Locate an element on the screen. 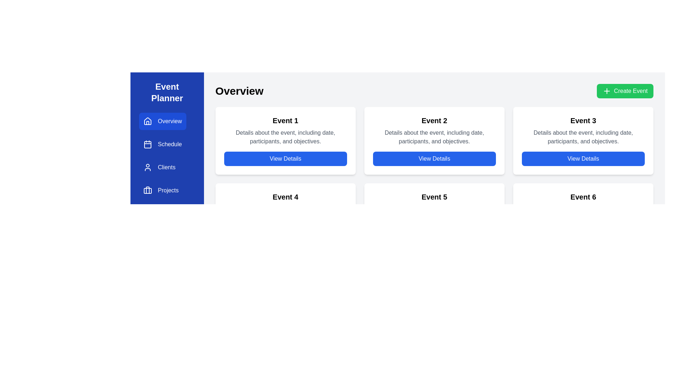 This screenshot has width=692, height=389. the bold text label displaying 'Event 5', which is prominently styled and located in the second row and third column of the event card grid is located at coordinates (434, 197).